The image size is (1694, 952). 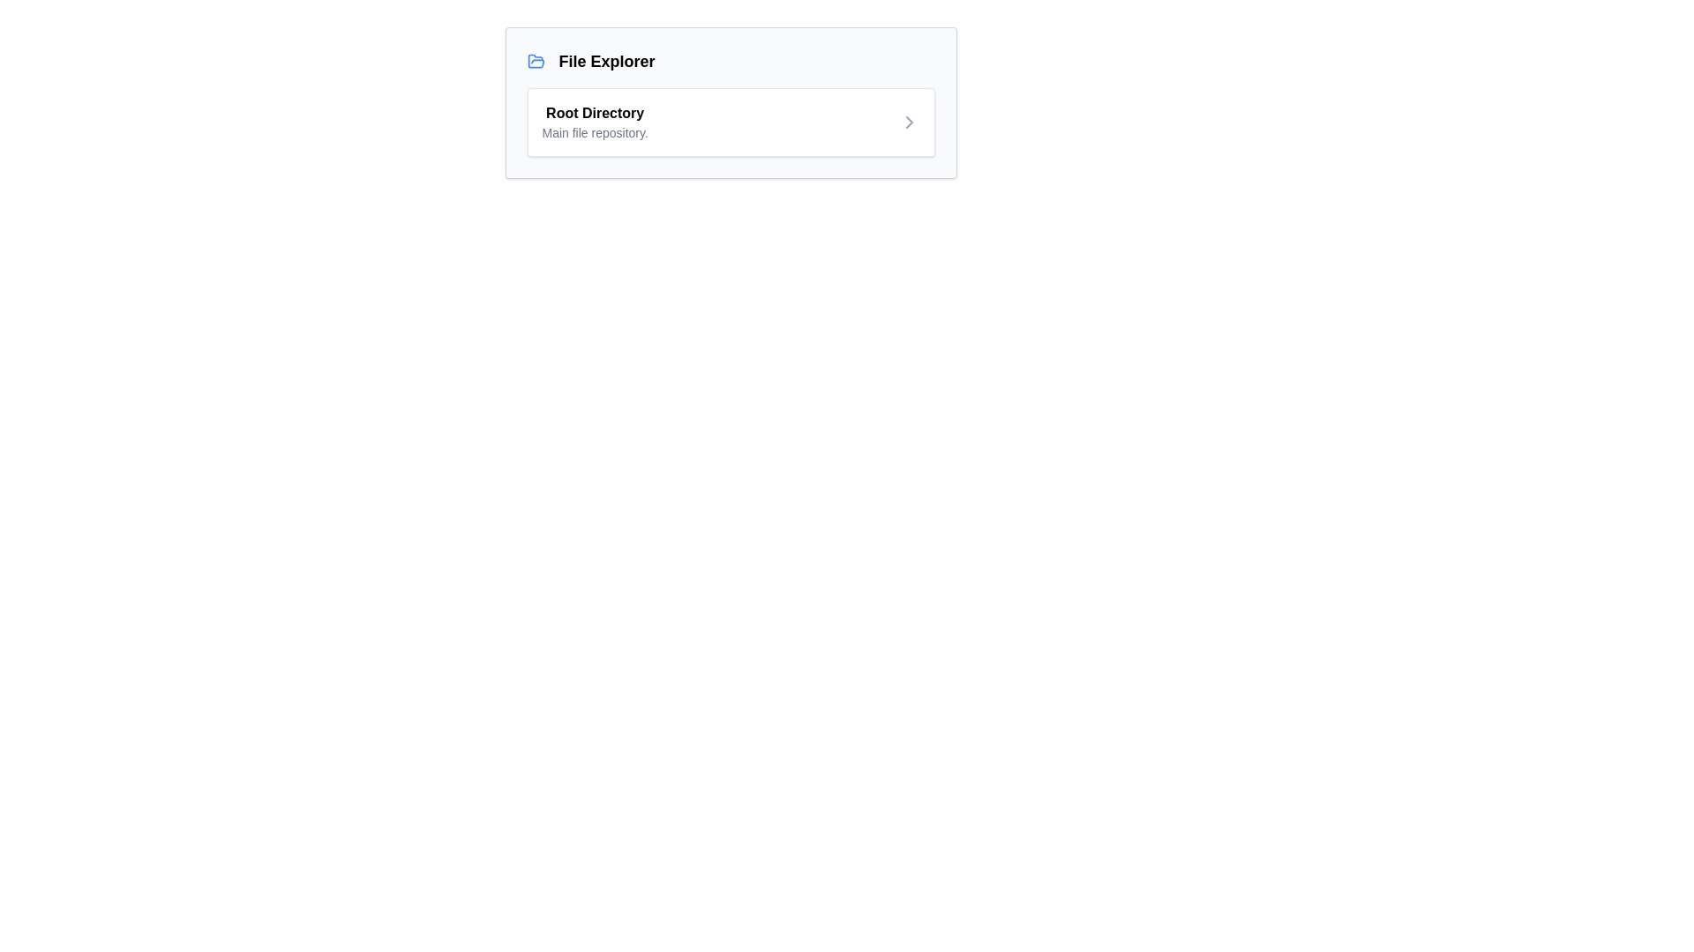 I want to click on the folder icon located to the far left next to the text 'File Explorer', so click(x=535, y=60).